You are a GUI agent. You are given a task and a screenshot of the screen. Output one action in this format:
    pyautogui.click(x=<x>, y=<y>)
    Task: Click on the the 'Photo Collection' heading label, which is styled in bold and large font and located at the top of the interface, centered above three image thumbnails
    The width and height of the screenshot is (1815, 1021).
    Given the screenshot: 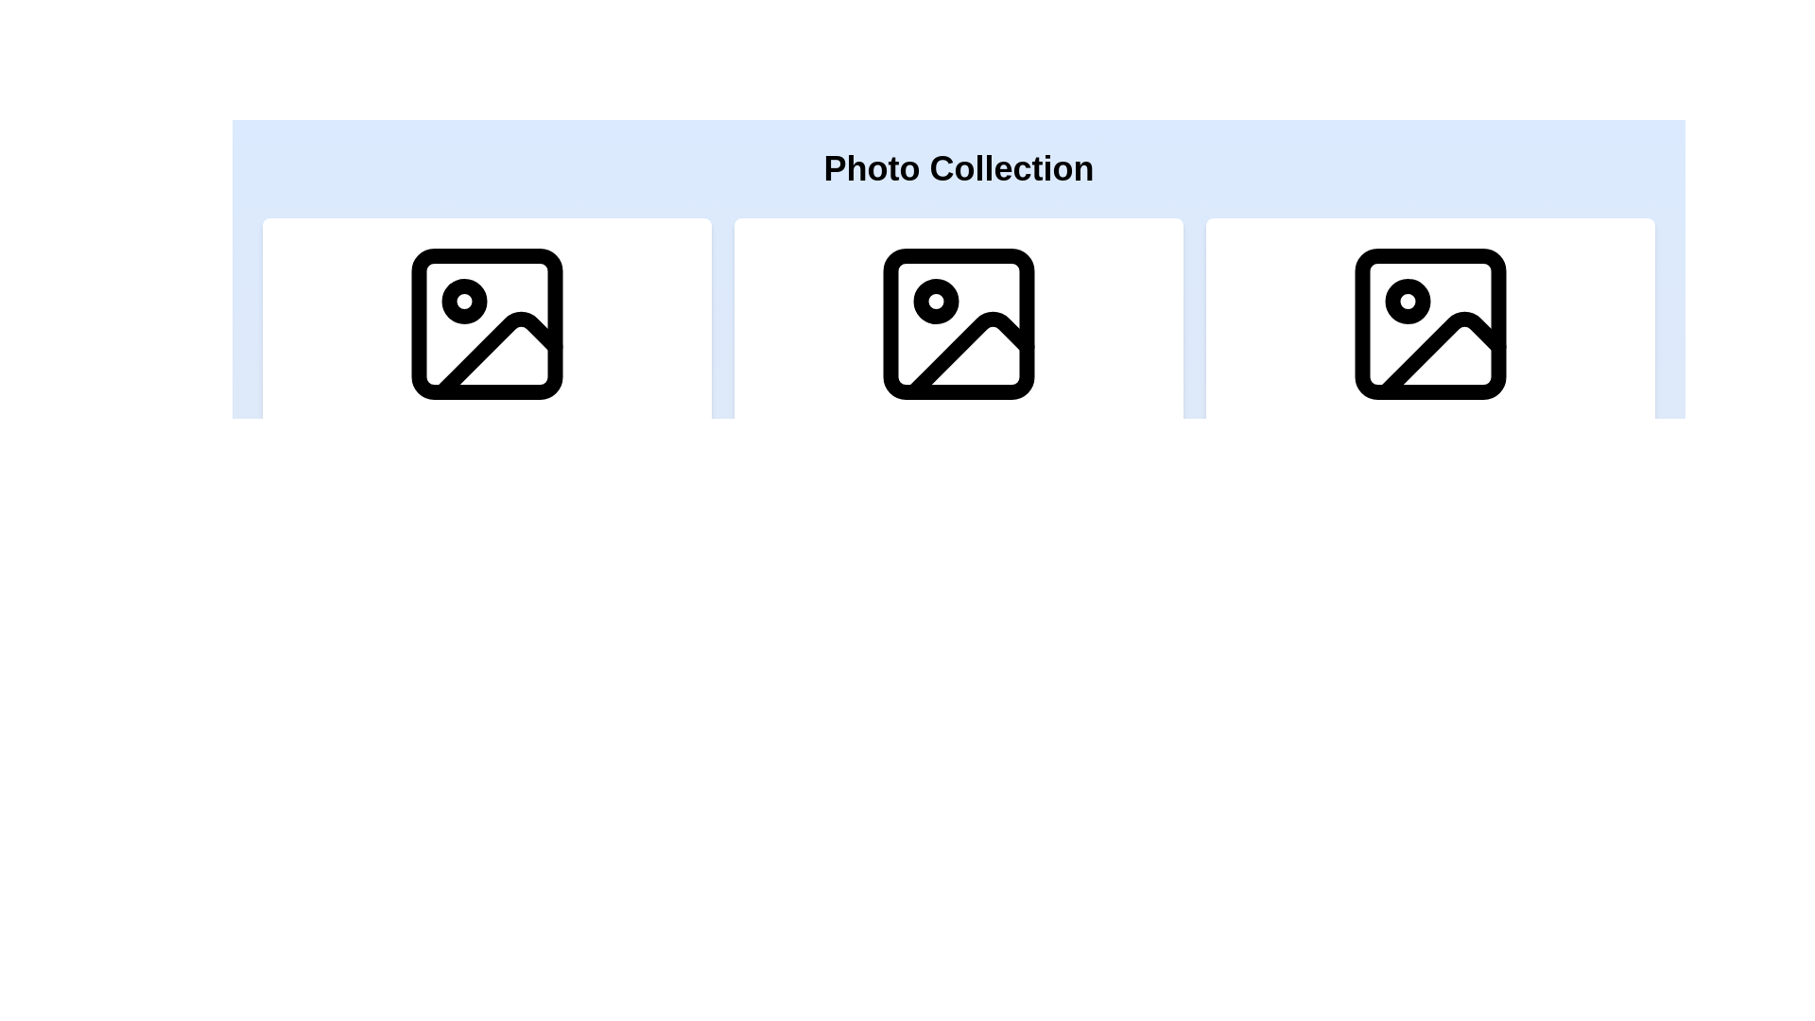 What is the action you would take?
    pyautogui.click(x=959, y=167)
    